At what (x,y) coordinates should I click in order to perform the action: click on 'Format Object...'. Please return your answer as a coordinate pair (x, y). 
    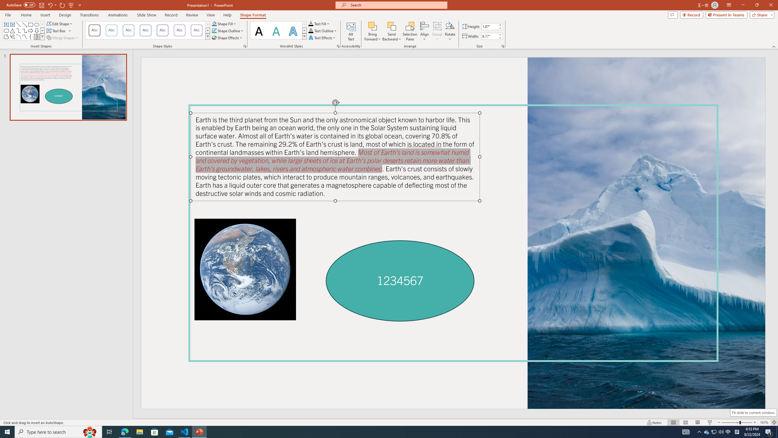
    Looking at the image, I should click on (245, 46).